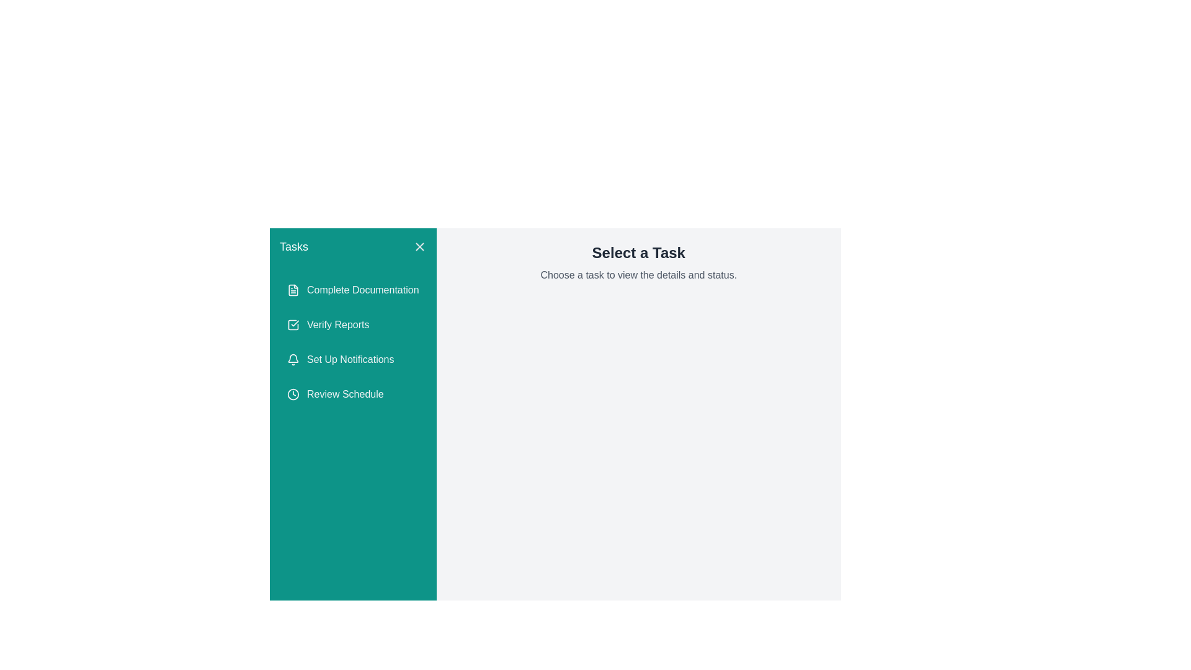 The height and width of the screenshot is (670, 1191). What do you see at coordinates (352, 324) in the screenshot?
I see `the 'Verify Reports' button, which features a checkbox icon and is located below the 'Complete Documentation' button in the left-side navigation panel` at bounding box center [352, 324].